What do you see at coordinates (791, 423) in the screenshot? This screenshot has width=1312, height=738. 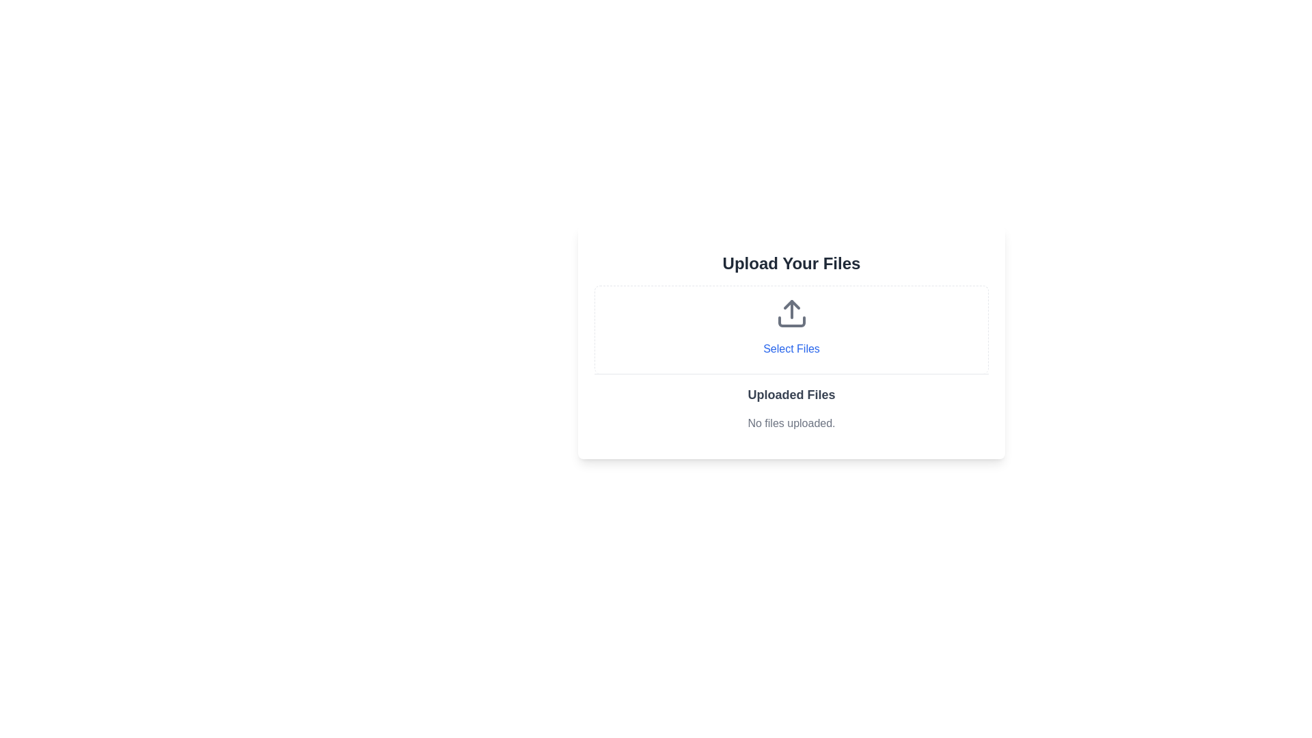 I see `text label that informs the user there are currently no uploaded files to display, located below the bold title 'Uploaded Files'` at bounding box center [791, 423].